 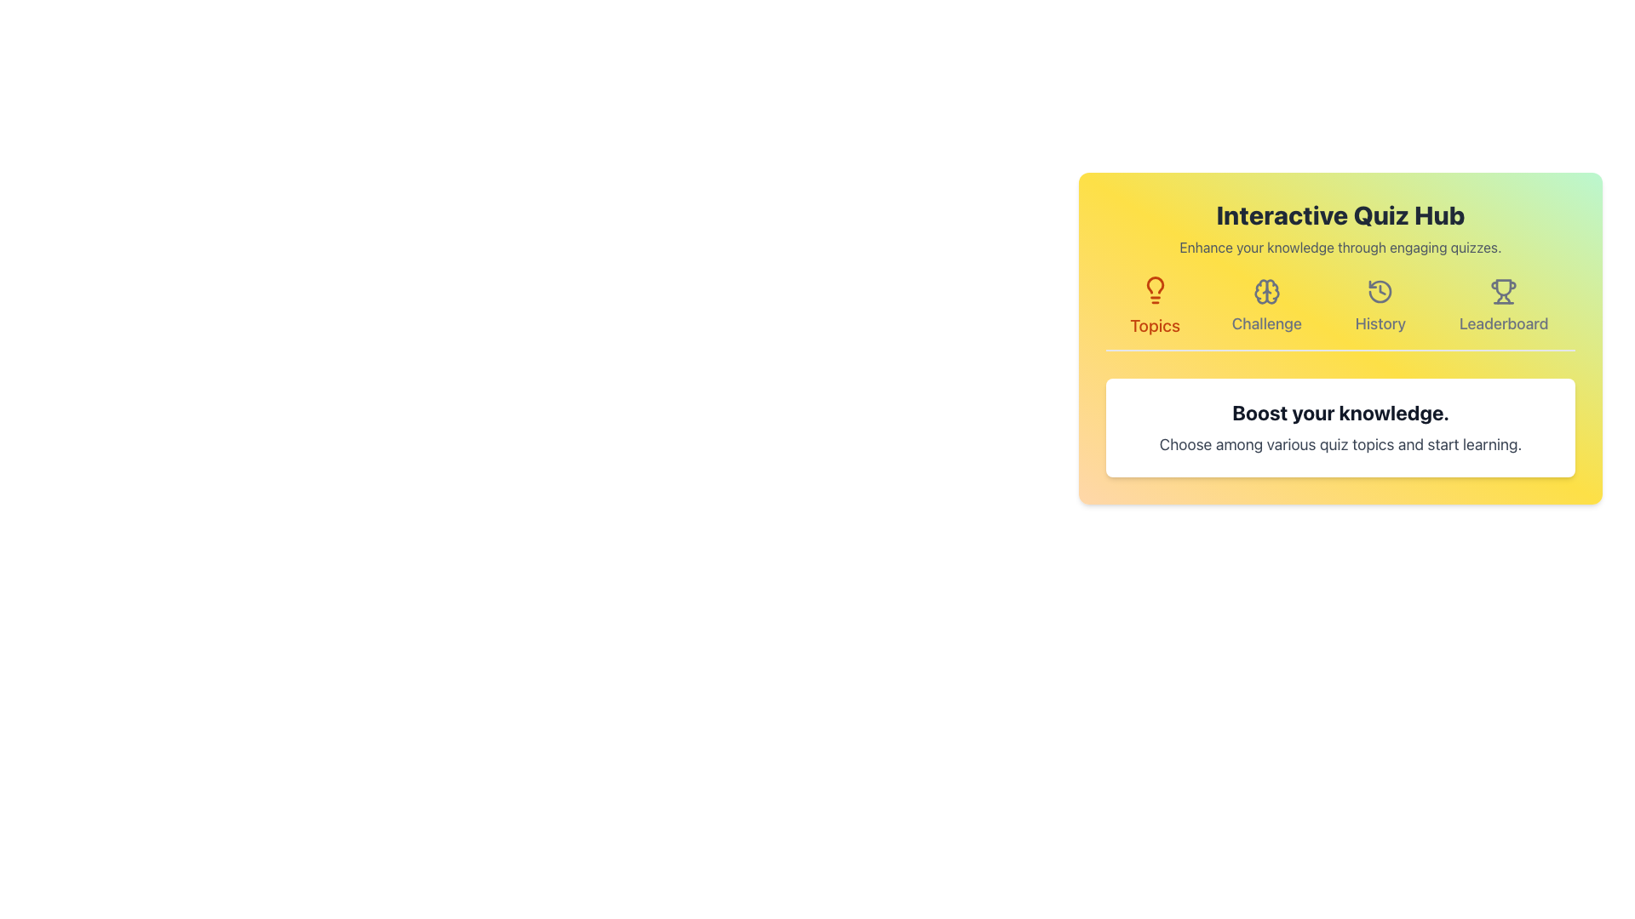 I want to click on the first button in the horizontal menu at the top of the card-like interface to interact with topics, so click(x=1156, y=307).